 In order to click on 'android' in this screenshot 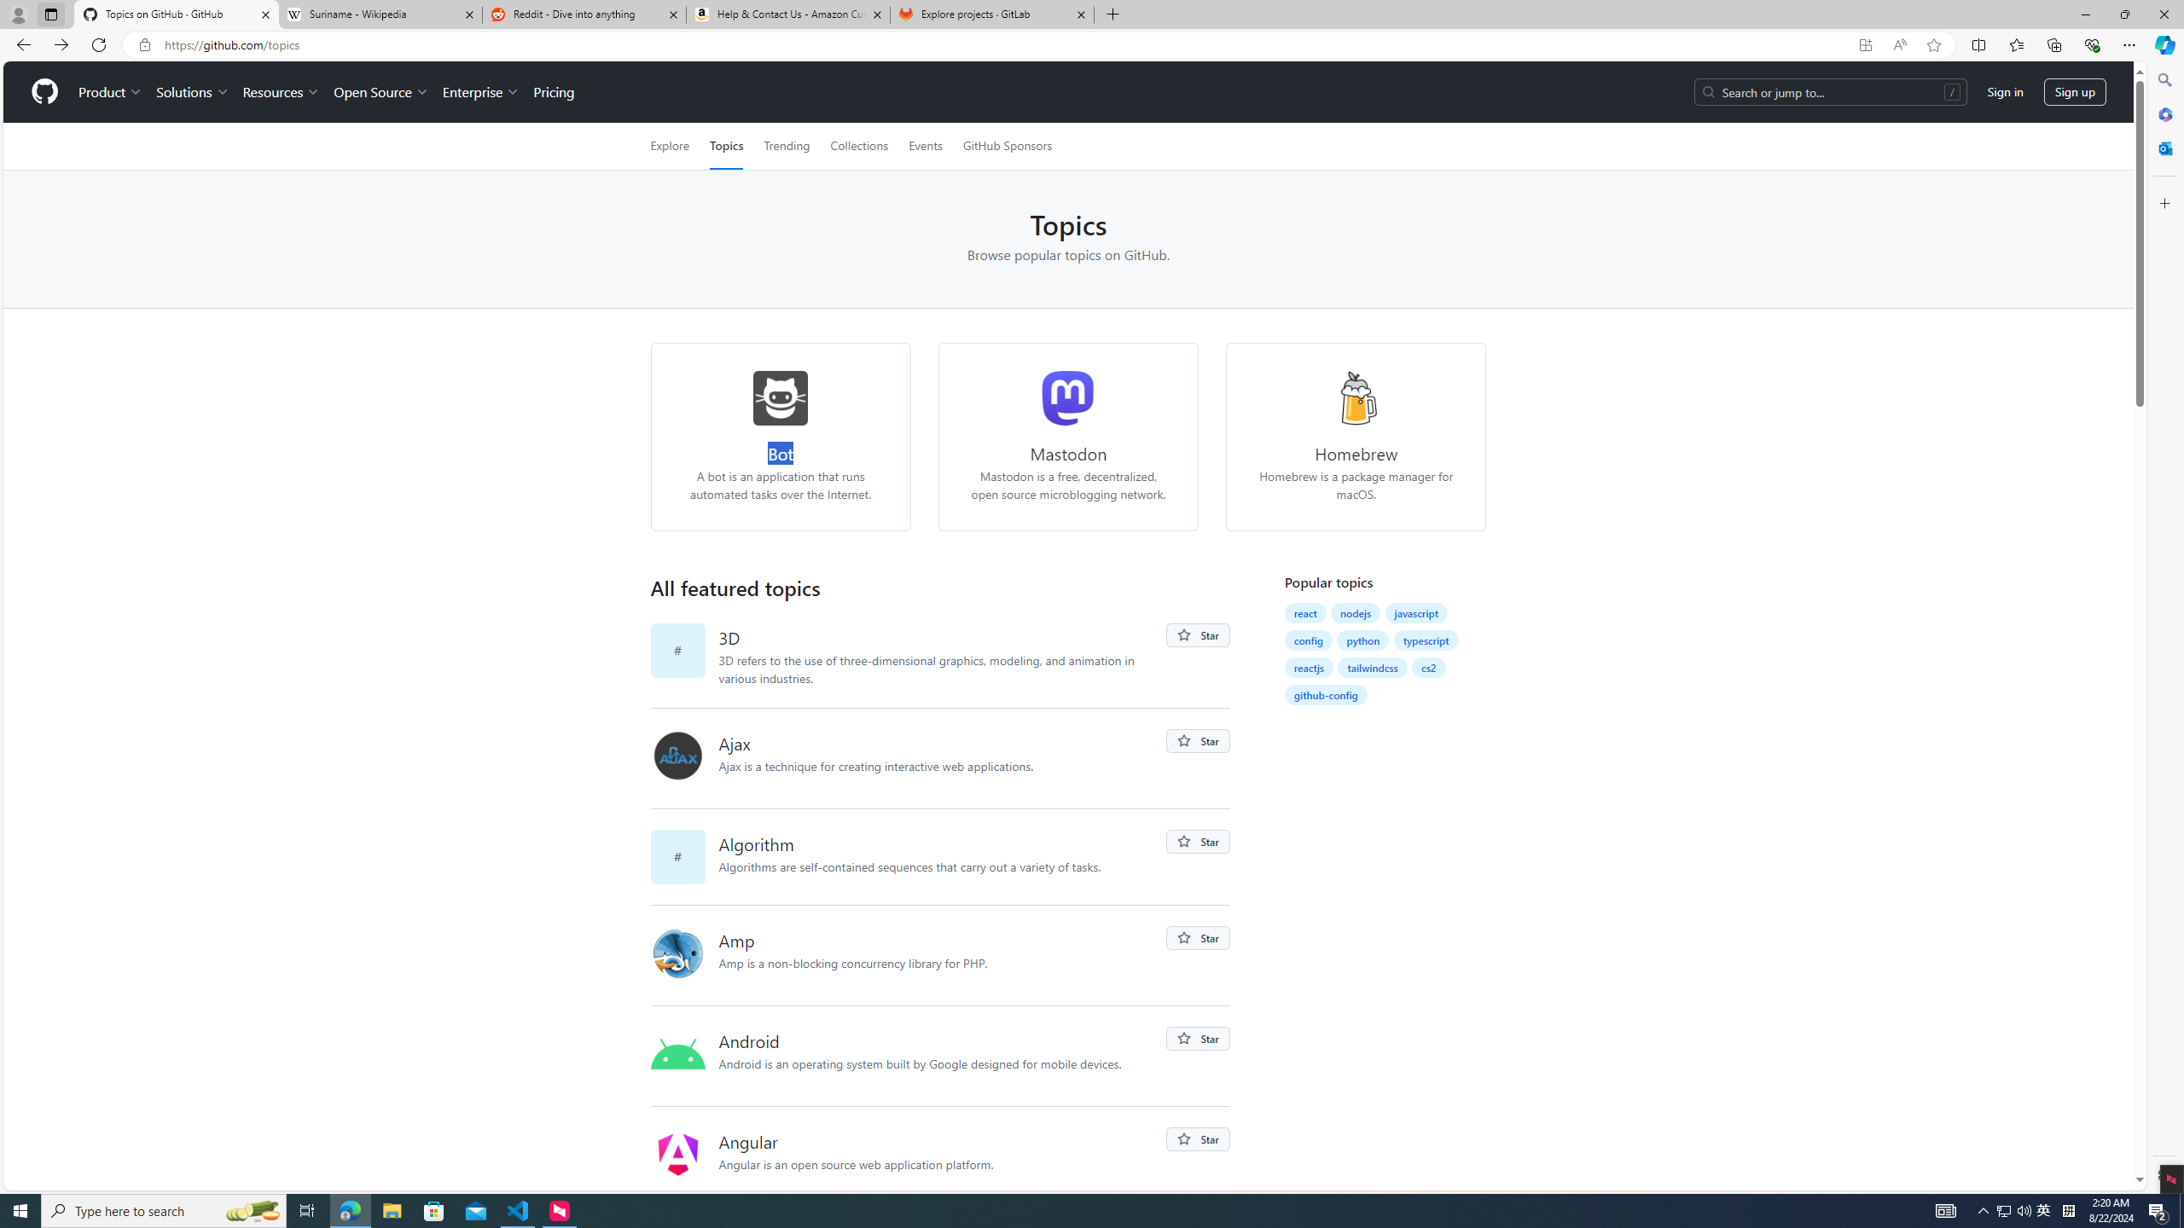, I will do `click(677, 1054)`.